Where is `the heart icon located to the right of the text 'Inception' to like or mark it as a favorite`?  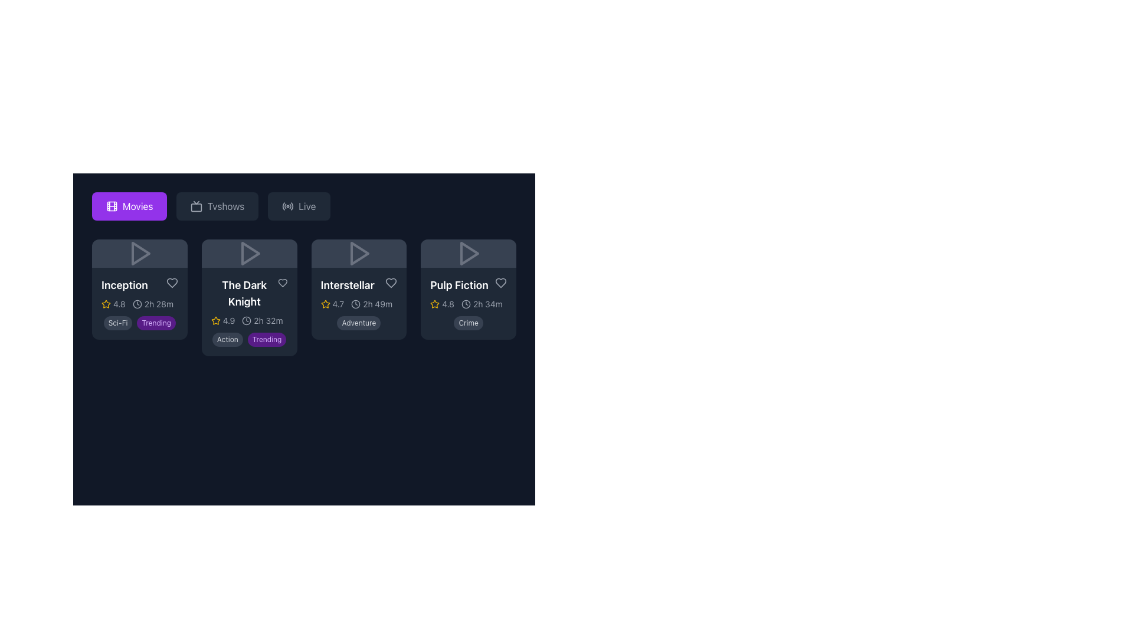 the heart icon located to the right of the text 'Inception' to like or mark it as a favorite is located at coordinates (171, 283).